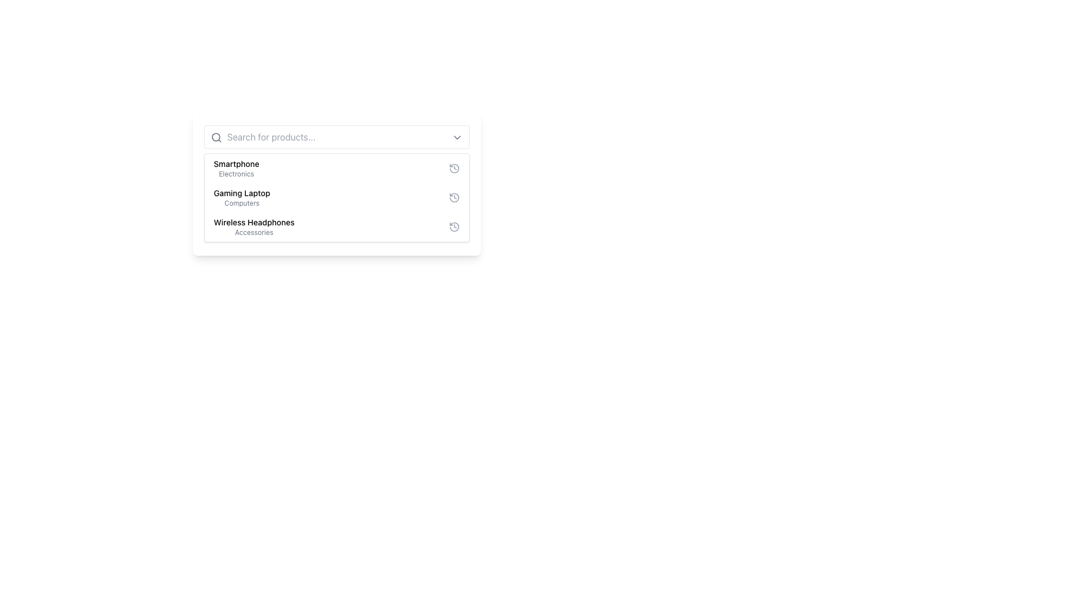 The height and width of the screenshot is (607, 1080). I want to click on to select the 'Gaming Laptop' list item in the product navigation menu, which is the second entry in the list under the 'Computers' category, so click(241, 197).